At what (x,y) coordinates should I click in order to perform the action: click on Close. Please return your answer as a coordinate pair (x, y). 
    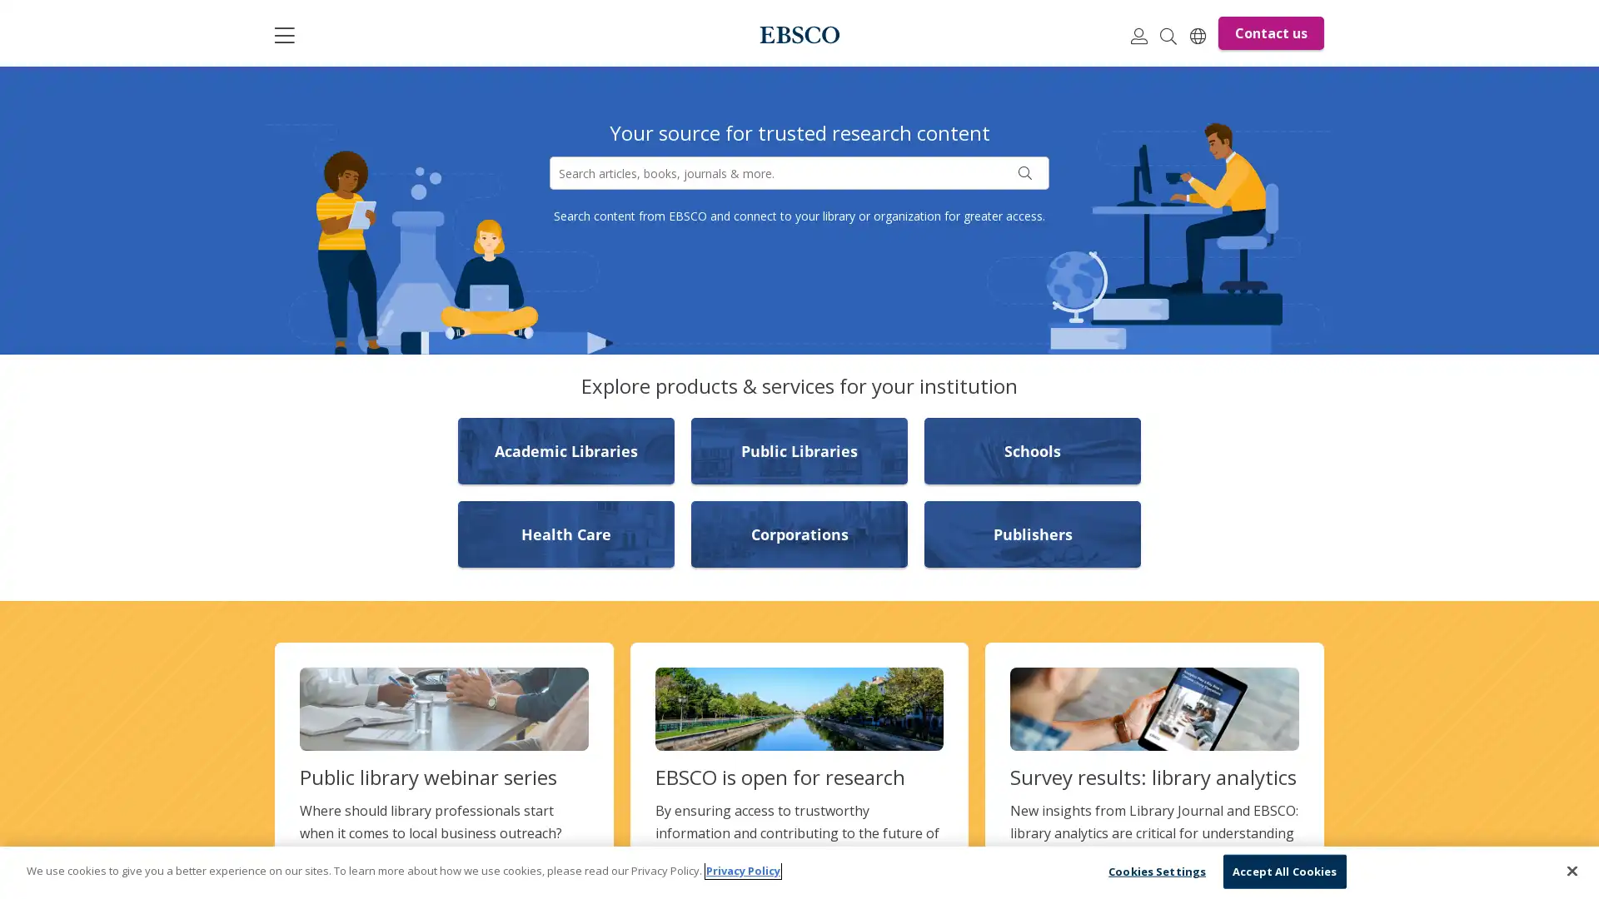
    Looking at the image, I should click on (1571, 869).